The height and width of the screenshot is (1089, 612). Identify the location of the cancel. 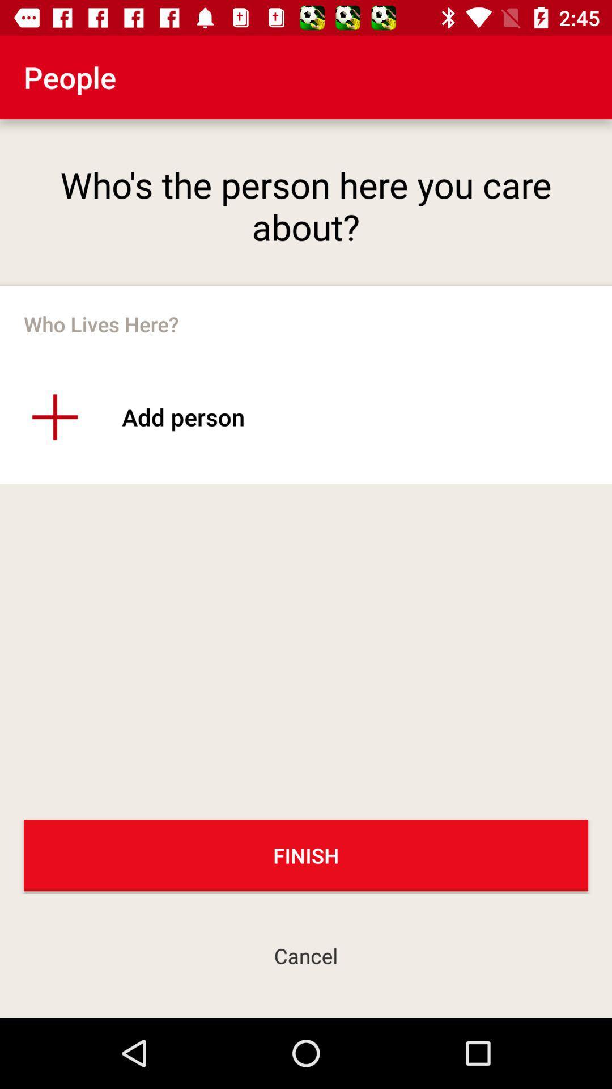
(306, 955).